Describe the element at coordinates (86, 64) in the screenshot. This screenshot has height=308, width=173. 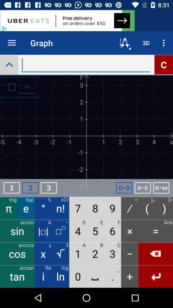
I see `words and search` at that location.